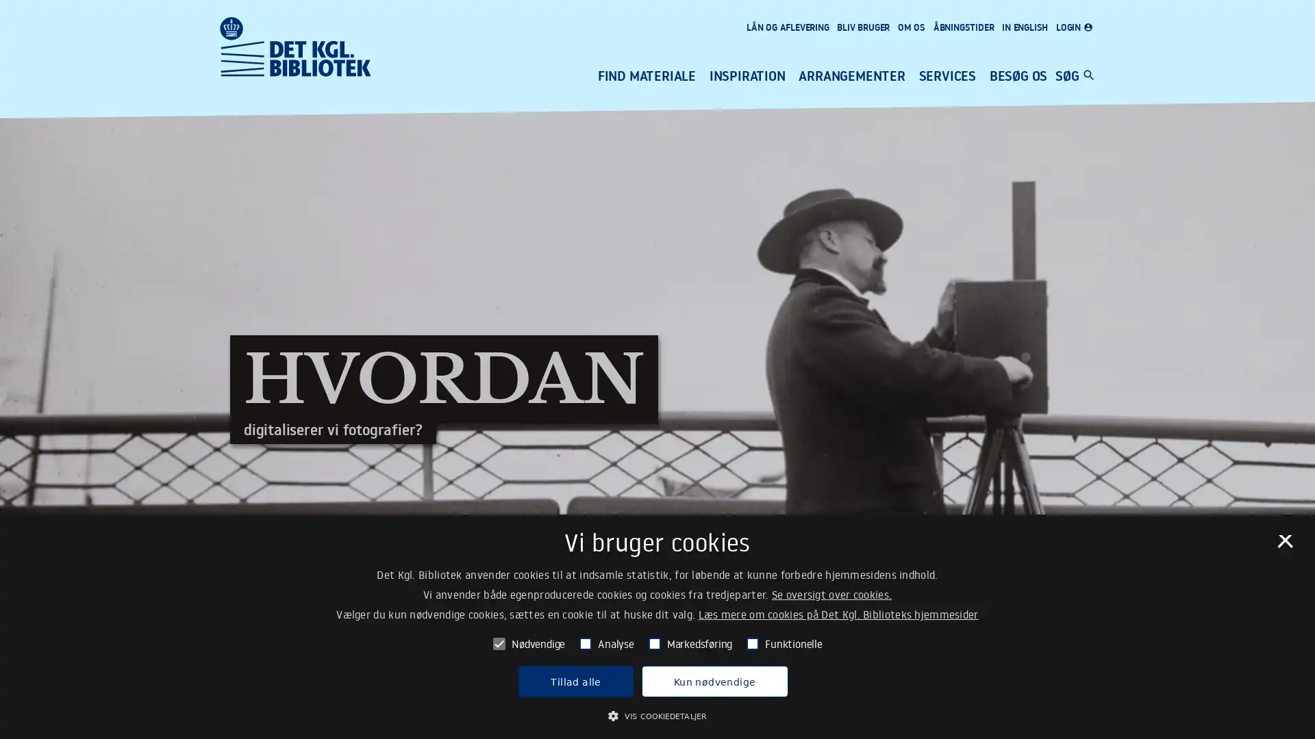  I want to click on VIS COOKIEDETALJER, so click(656, 714).